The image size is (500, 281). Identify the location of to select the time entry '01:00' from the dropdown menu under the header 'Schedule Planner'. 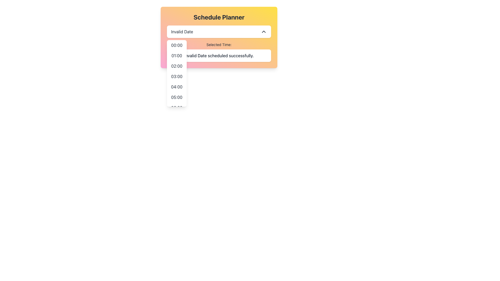
(177, 55).